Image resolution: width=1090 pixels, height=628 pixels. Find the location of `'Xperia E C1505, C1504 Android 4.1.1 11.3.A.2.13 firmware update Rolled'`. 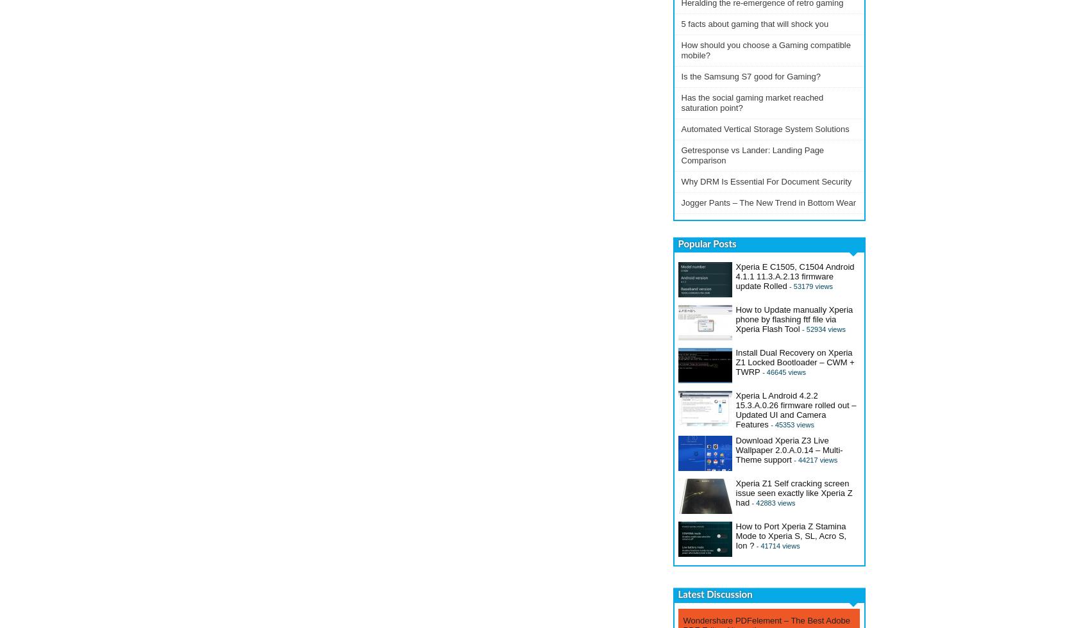

'Xperia E C1505, C1504 Android 4.1.1 11.3.A.2.13 firmware update Rolled' is located at coordinates (794, 276).